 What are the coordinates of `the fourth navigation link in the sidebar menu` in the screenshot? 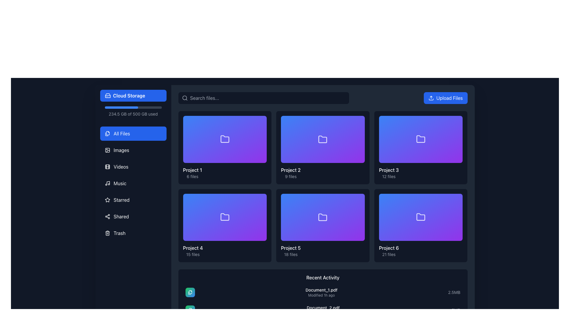 It's located at (133, 183).